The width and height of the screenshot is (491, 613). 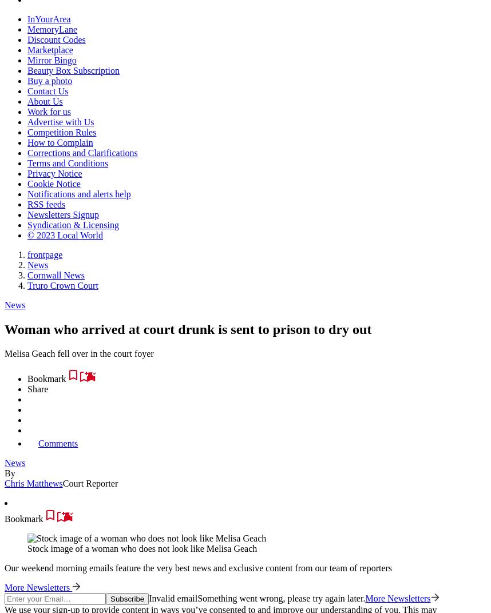 I want to click on 'By', so click(x=9, y=472).